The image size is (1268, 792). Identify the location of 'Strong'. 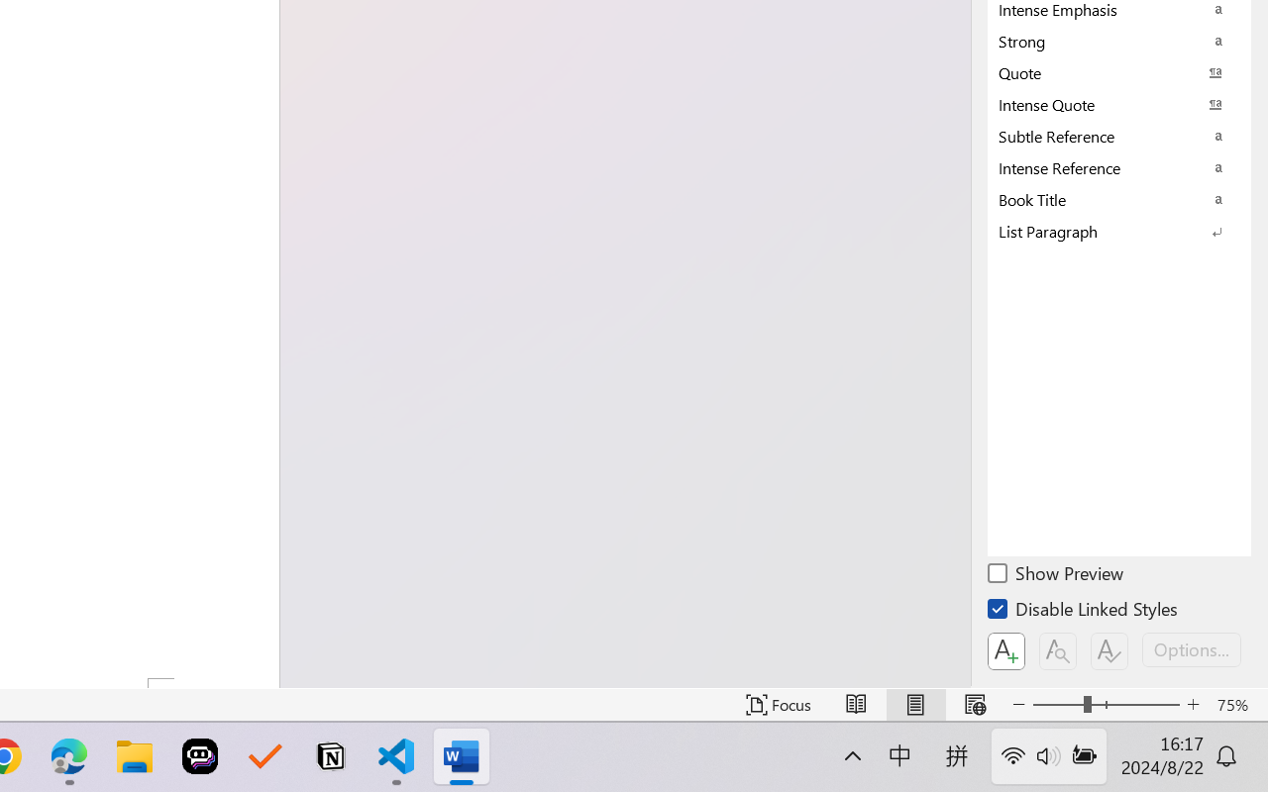
(1119, 40).